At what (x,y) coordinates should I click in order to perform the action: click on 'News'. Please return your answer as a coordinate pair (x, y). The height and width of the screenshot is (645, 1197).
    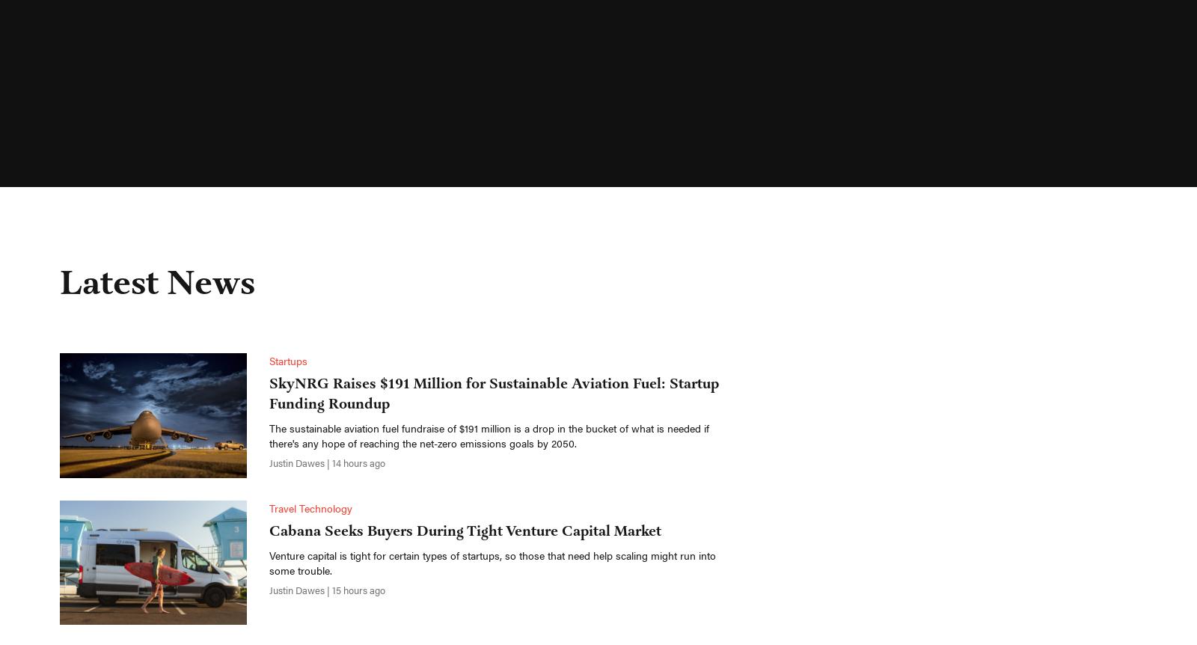
    Looking at the image, I should click on (198, 25).